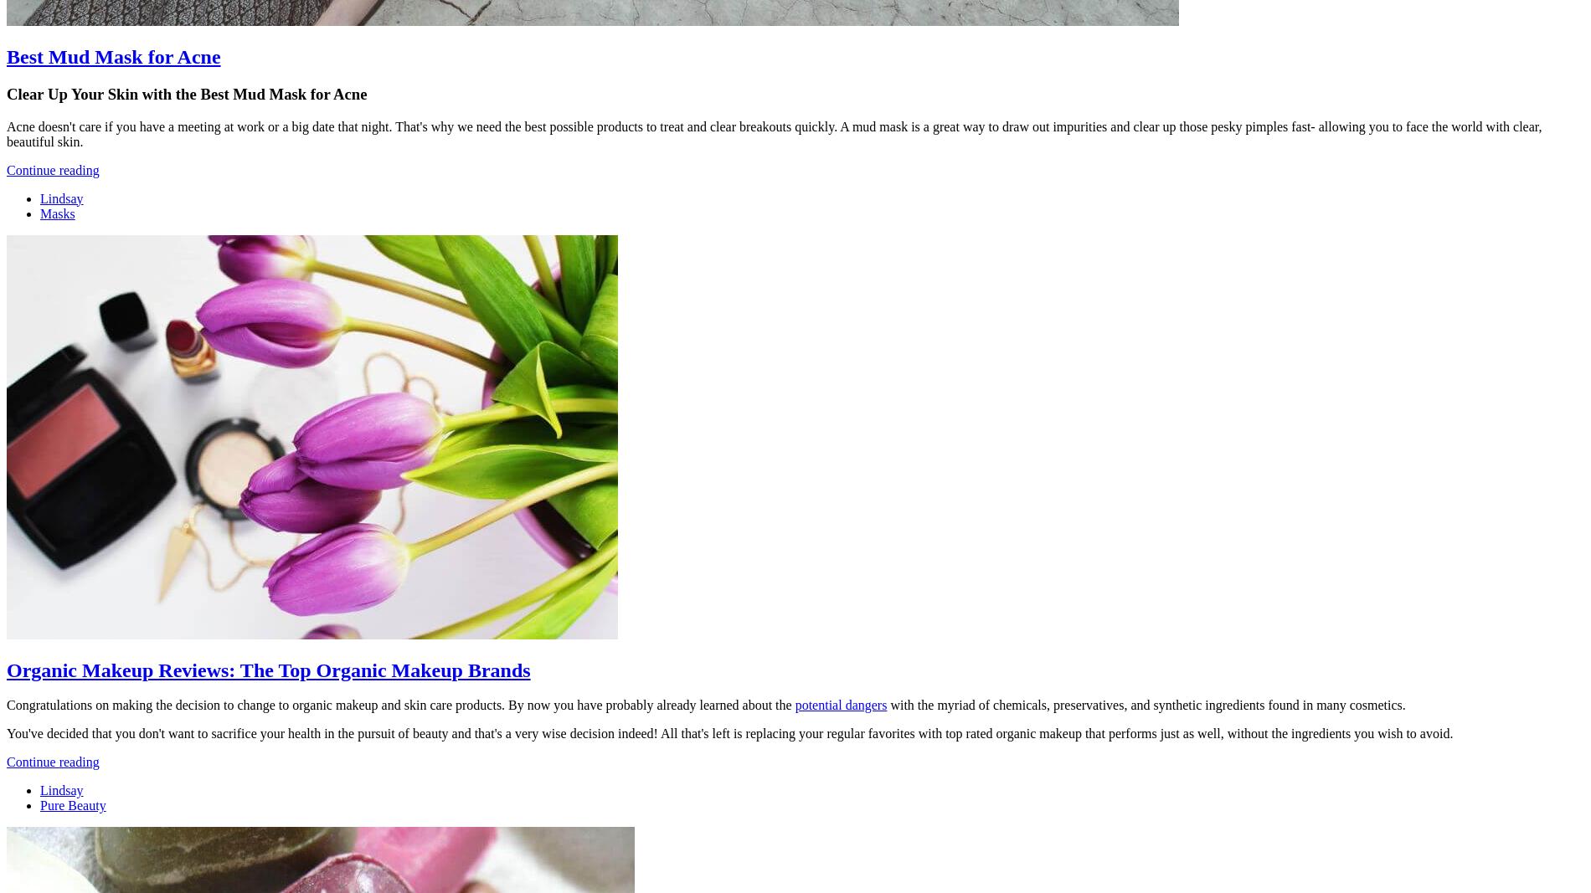 Image resolution: width=1591 pixels, height=893 pixels. Describe the element at coordinates (57, 213) in the screenshot. I see `'Masks'` at that location.